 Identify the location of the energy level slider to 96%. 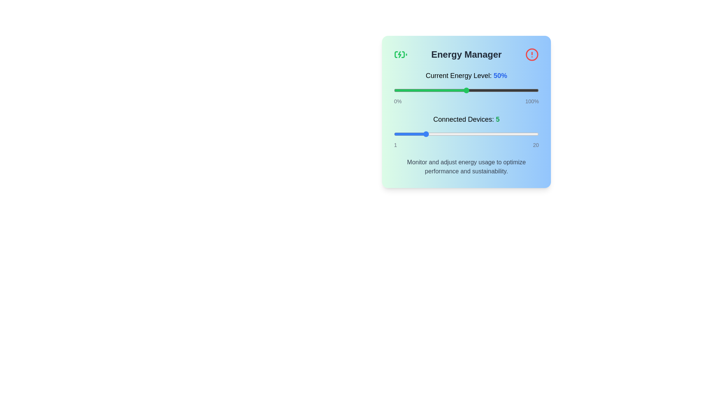
(532, 90).